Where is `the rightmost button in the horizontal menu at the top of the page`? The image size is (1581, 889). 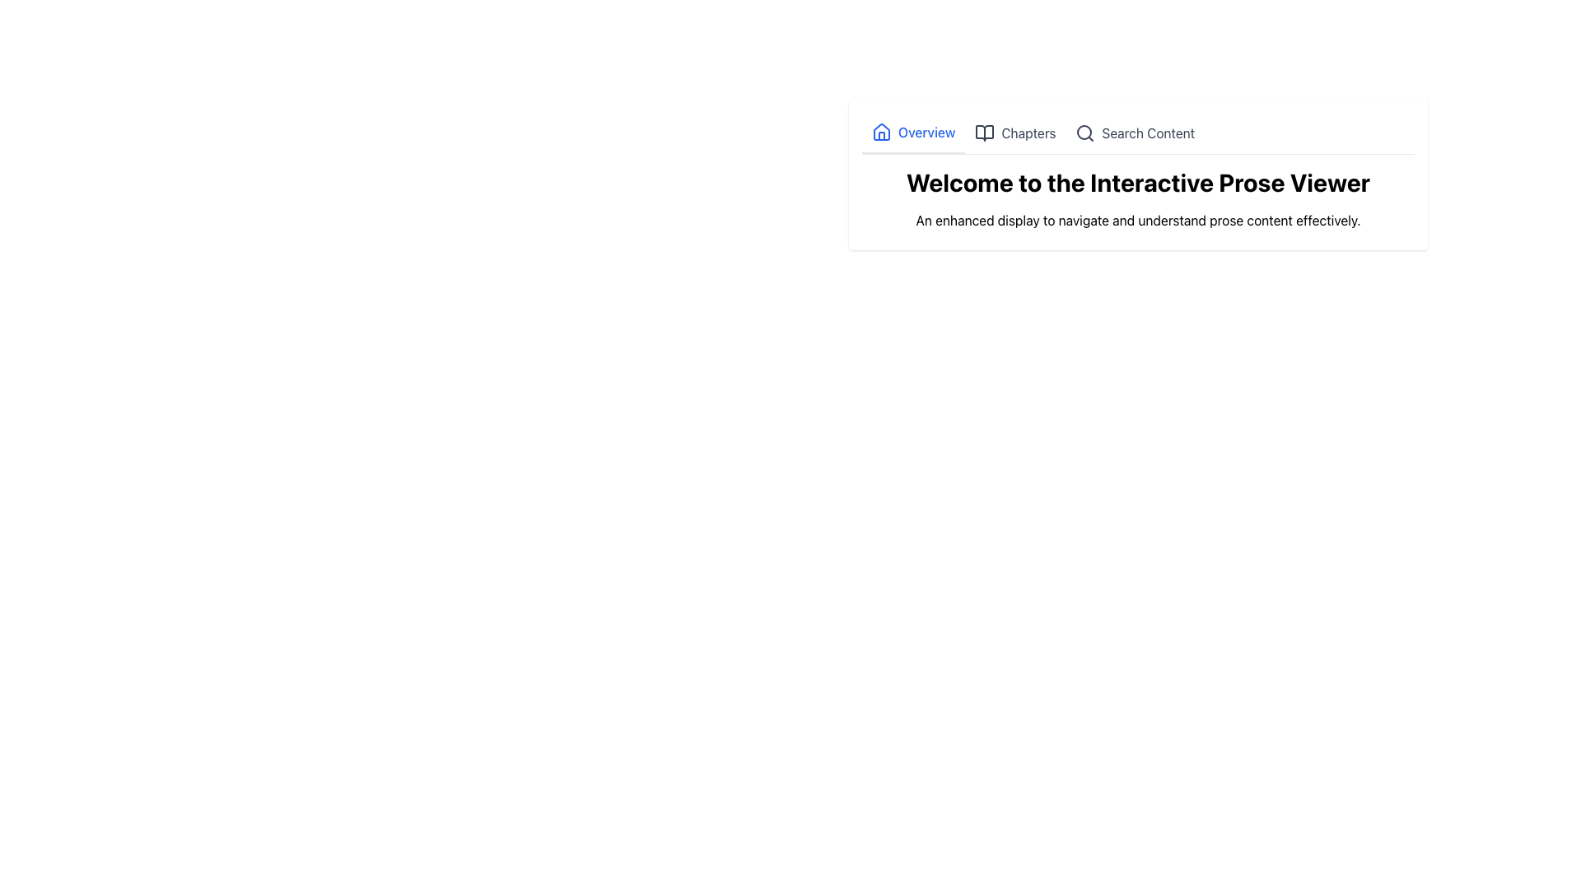 the rightmost button in the horizontal menu at the top of the page is located at coordinates (1134, 133).